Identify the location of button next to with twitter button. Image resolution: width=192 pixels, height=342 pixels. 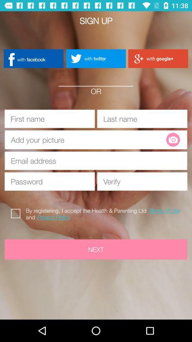
(33, 58).